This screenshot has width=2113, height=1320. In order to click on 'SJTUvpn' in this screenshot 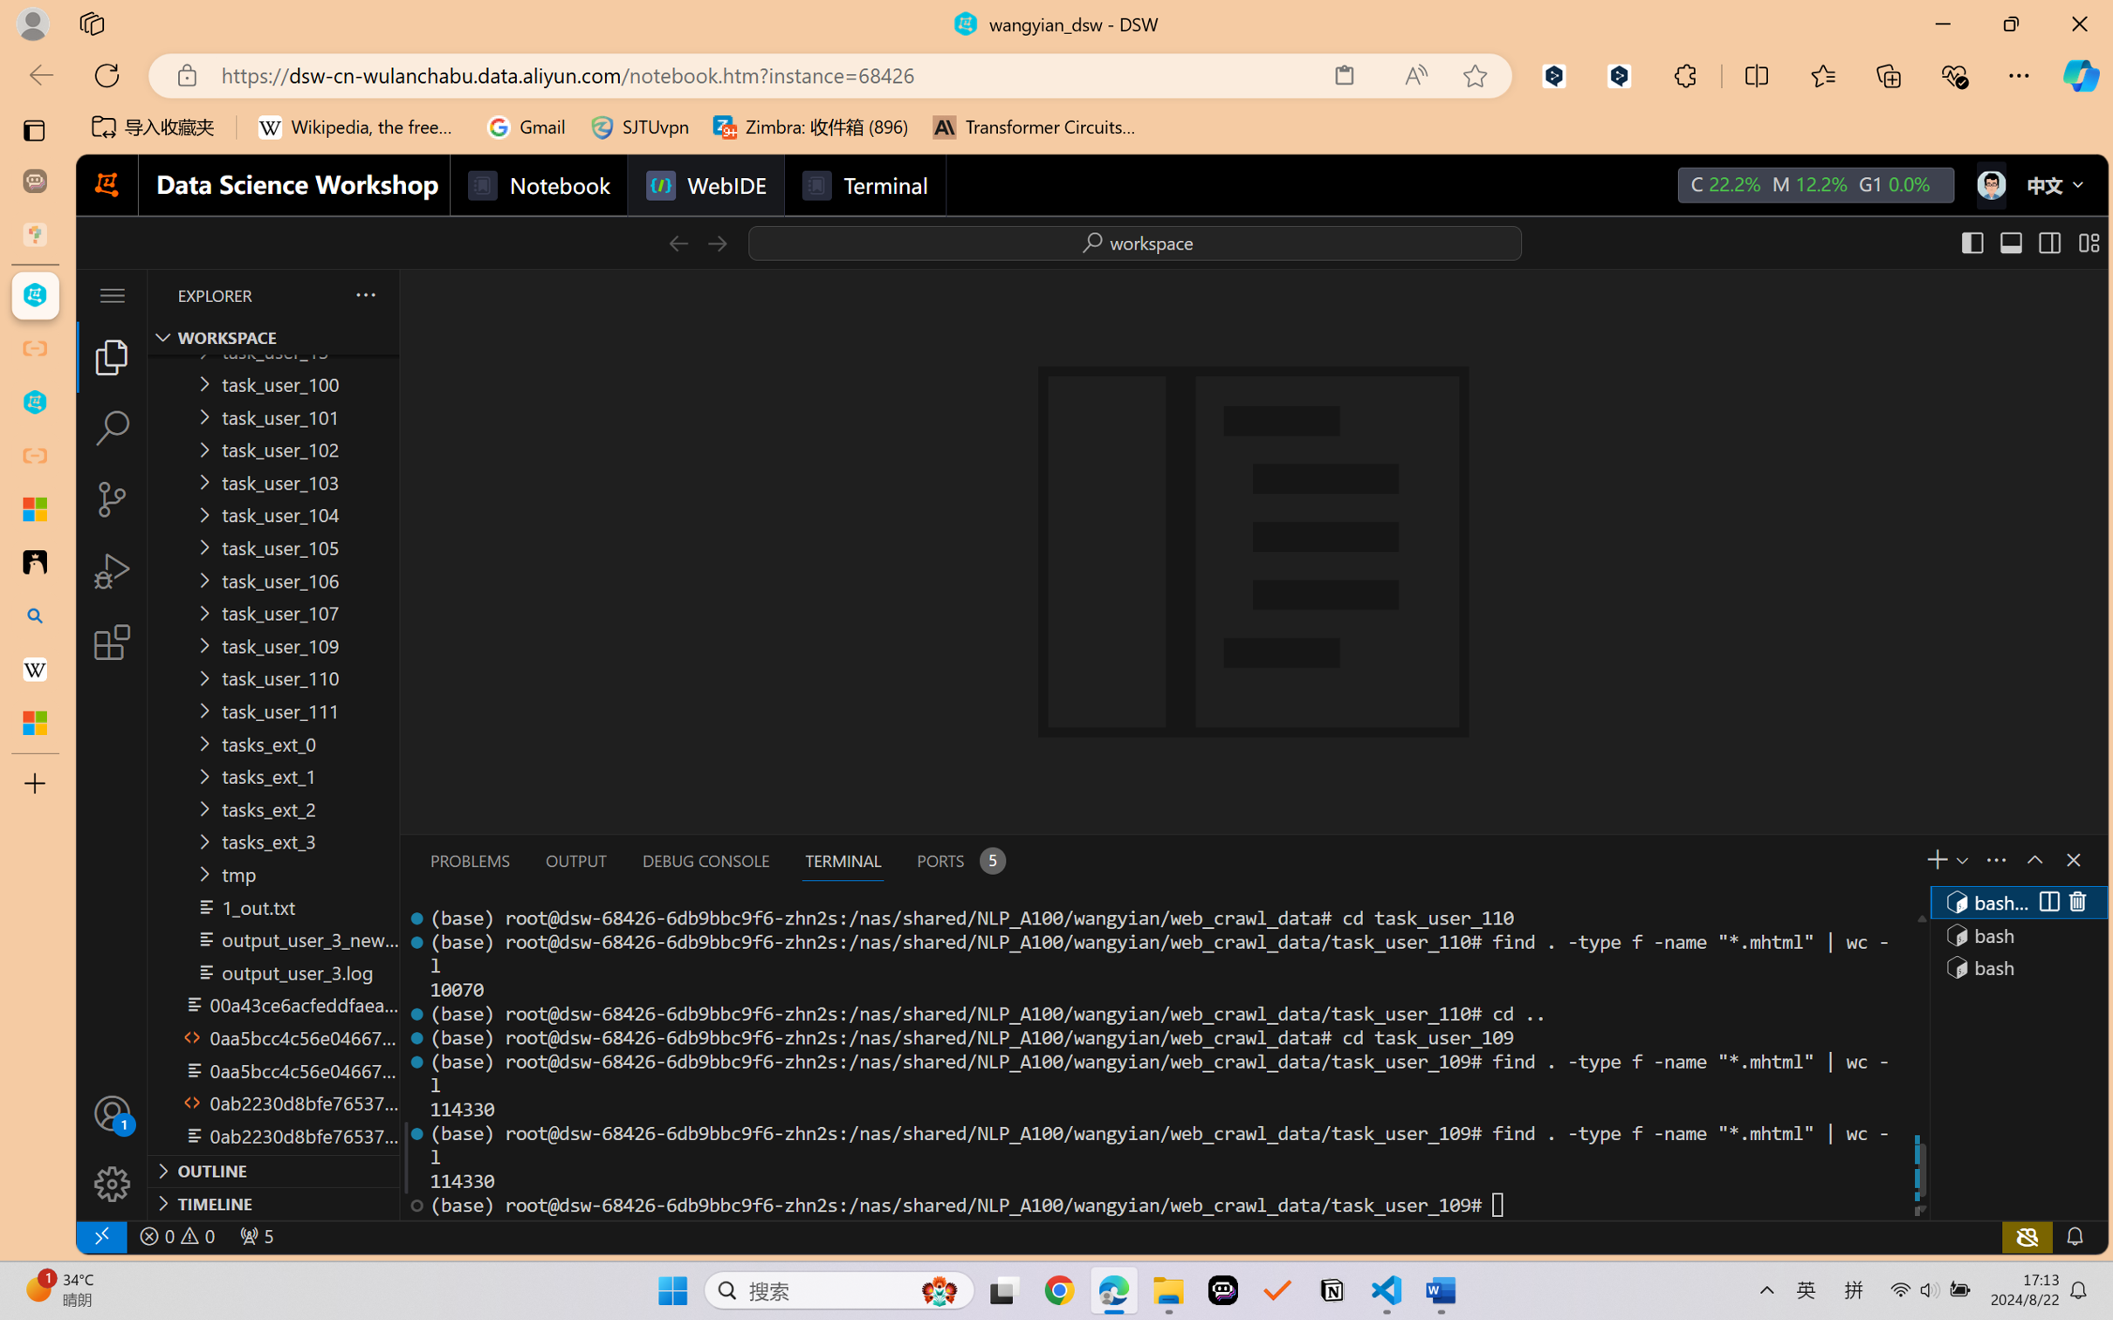, I will do `click(639, 127)`.